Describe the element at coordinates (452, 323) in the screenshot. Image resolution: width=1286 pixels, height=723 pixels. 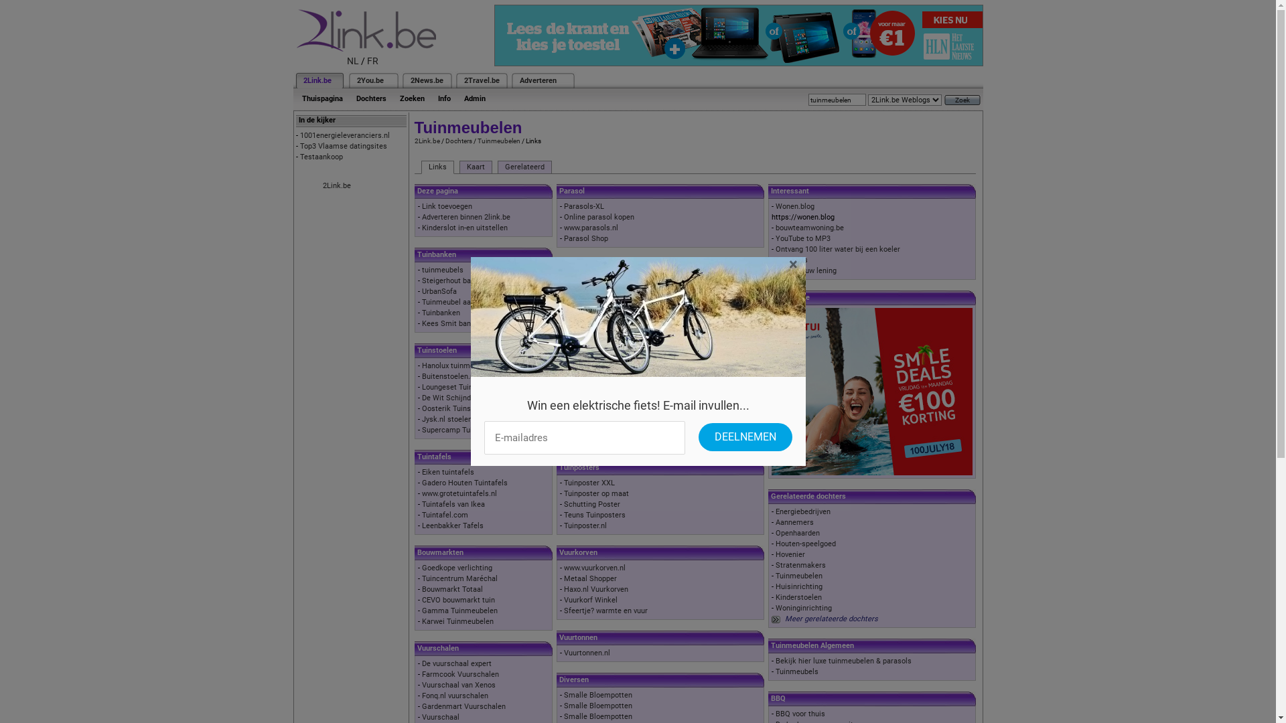
I see `'Kees Smit banken'` at that location.